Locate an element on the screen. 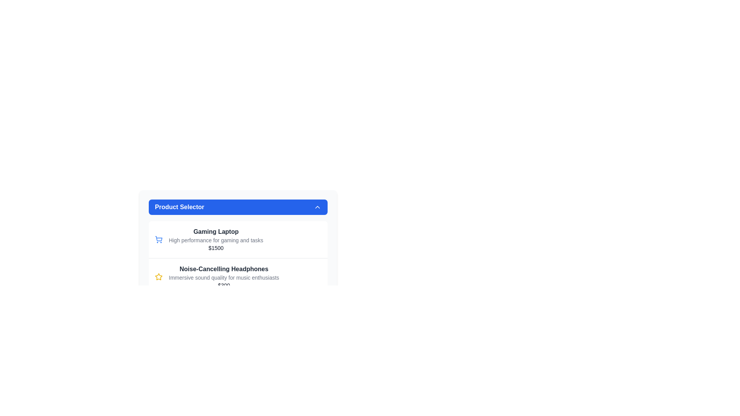 This screenshot has width=740, height=416. the upward-facing chevron icon located to the right of the 'Product Selector' text in the header for potential effects, such as tooltips is located at coordinates (318, 206).